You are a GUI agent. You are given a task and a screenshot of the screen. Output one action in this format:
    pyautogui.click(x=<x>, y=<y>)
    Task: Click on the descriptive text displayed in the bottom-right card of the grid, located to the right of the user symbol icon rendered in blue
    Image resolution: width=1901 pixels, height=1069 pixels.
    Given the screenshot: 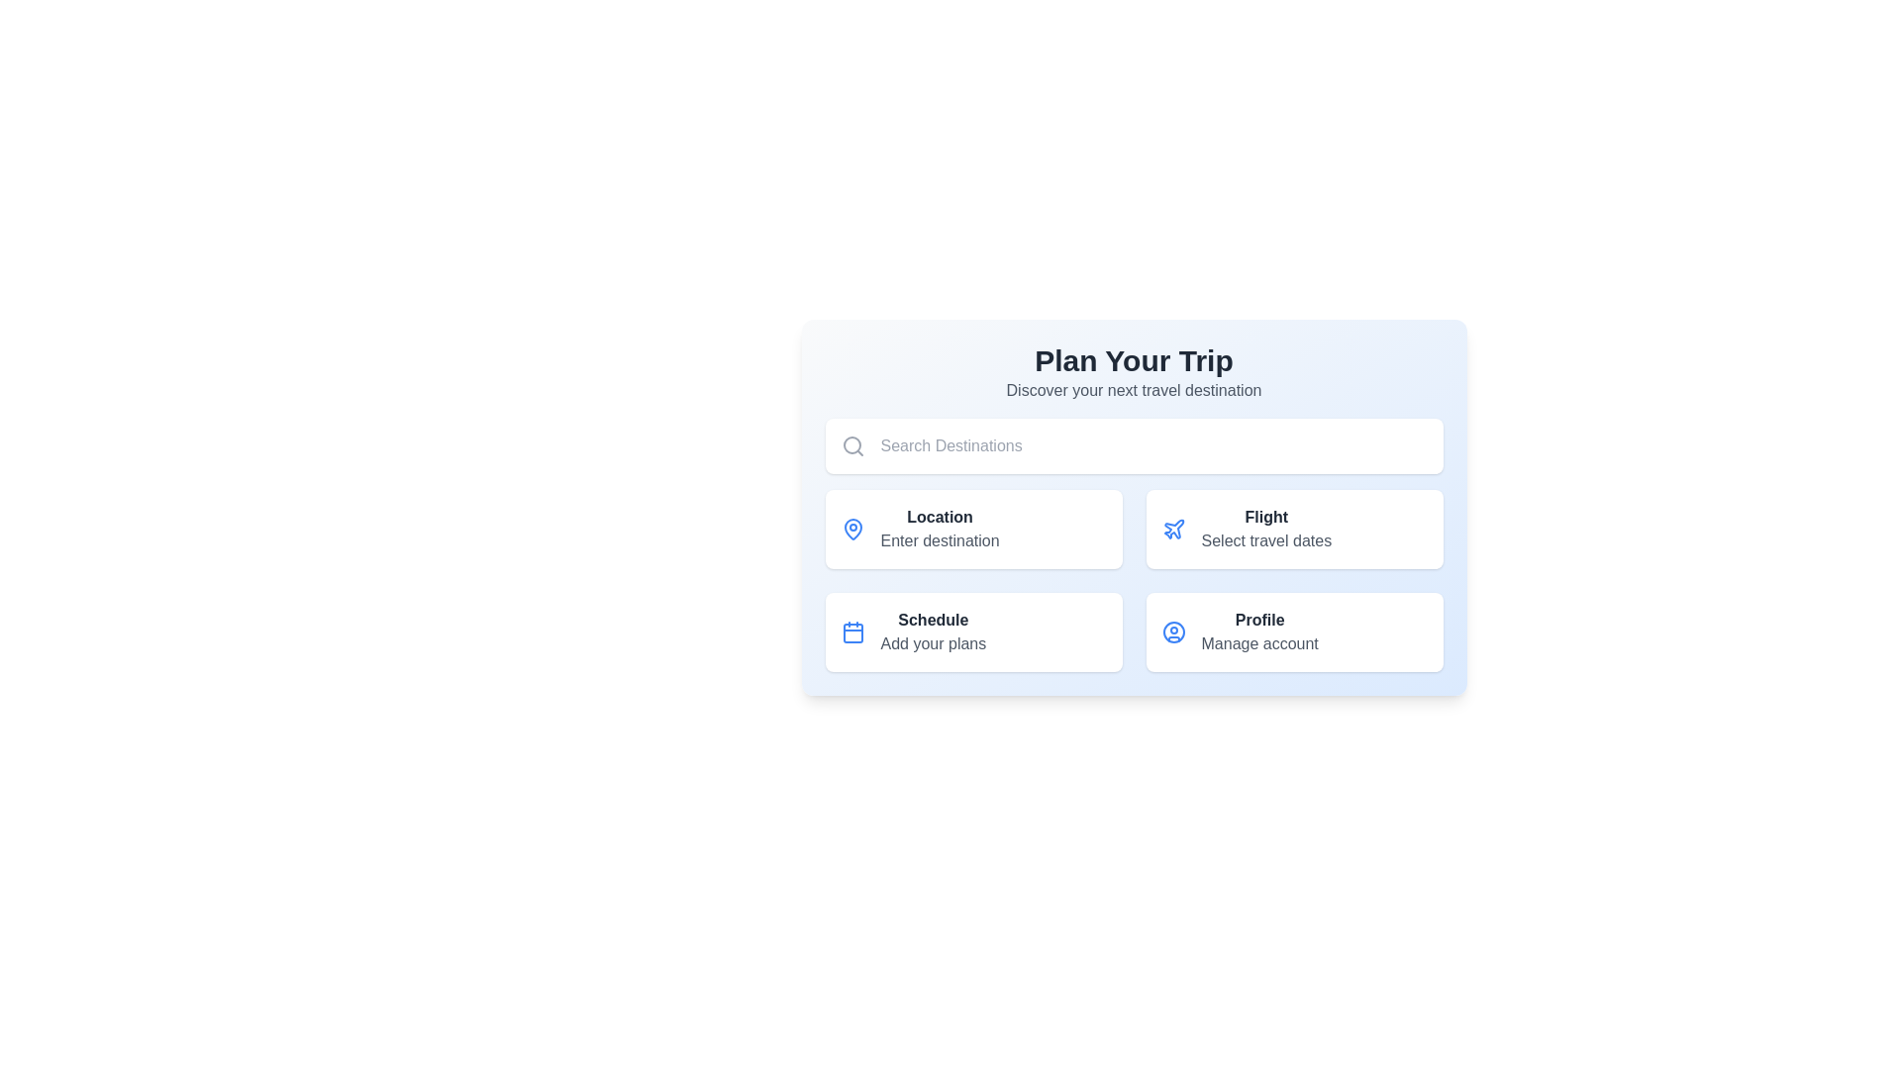 What is the action you would take?
    pyautogui.click(x=1258, y=632)
    